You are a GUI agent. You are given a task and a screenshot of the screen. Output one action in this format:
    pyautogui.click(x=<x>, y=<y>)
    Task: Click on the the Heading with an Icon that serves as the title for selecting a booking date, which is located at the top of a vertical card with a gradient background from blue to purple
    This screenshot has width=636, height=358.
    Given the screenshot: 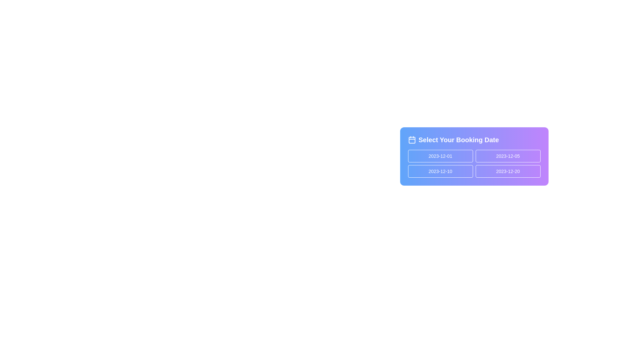 What is the action you would take?
    pyautogui.click(x=474, y=139)
    